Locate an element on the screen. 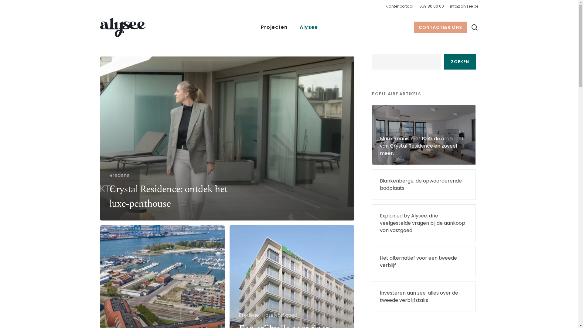  'Projecten' is located at coordinates (274, 27).